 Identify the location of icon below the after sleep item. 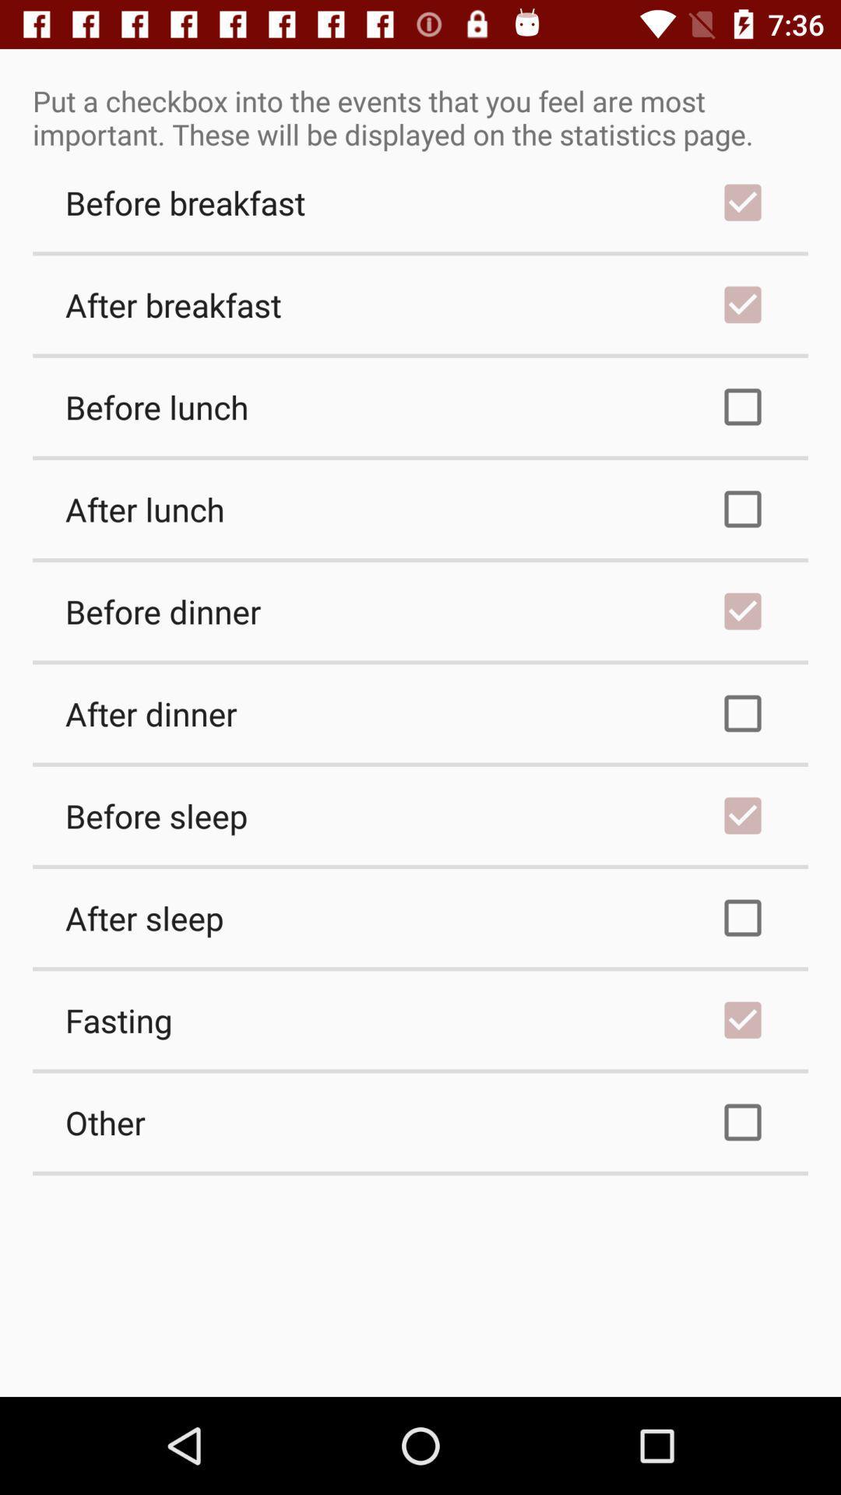
(420, 1020).